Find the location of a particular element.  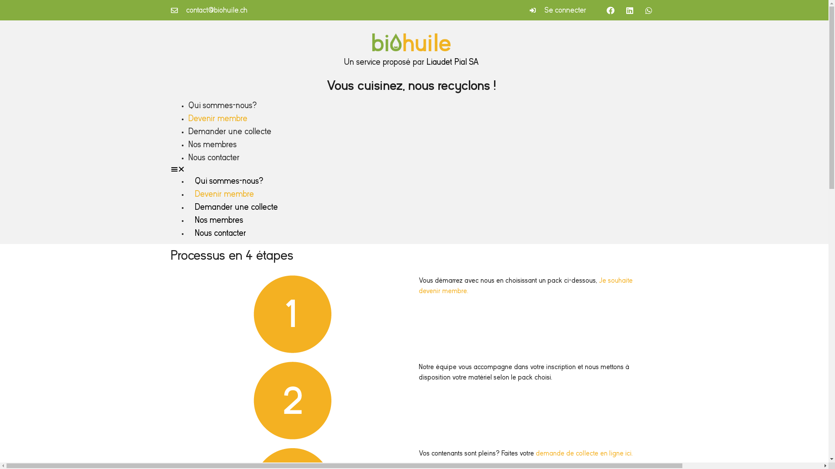

'Liaudet Pial SA' is located at coordinates (452, 61).